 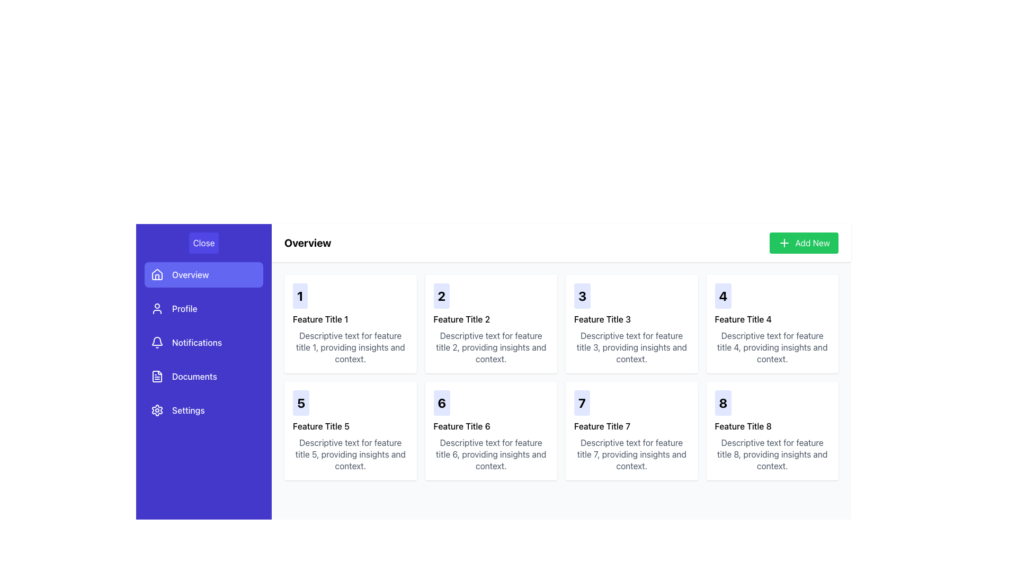 I want to click on the rounded rectangular button with a purple background labeled 'Overview' in the left sidebar, so click(x=203, y=274).